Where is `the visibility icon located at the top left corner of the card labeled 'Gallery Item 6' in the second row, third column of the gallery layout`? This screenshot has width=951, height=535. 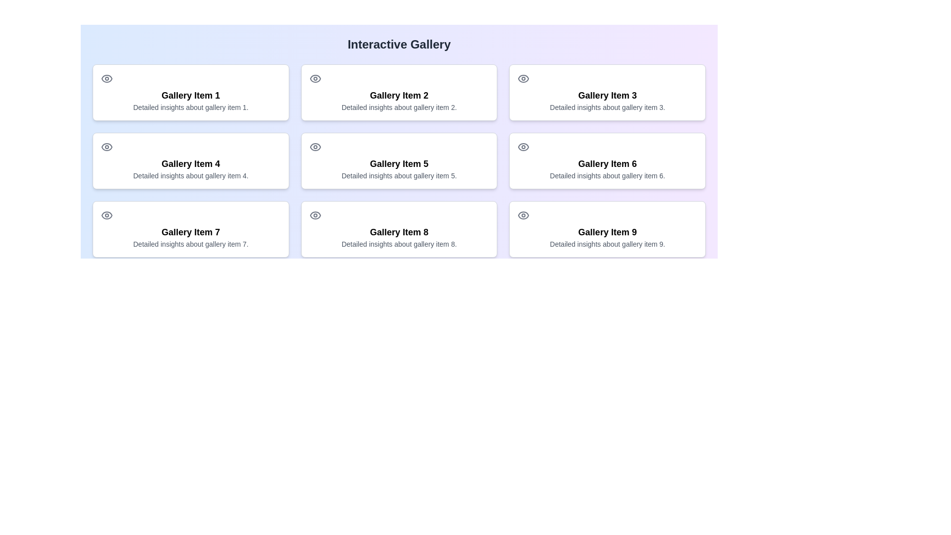
the visibility icon located at the top left corner of the card labeled 'Gallery Item 6' in the second row, third column of the gallery layout is located at coordinates (523, 147).